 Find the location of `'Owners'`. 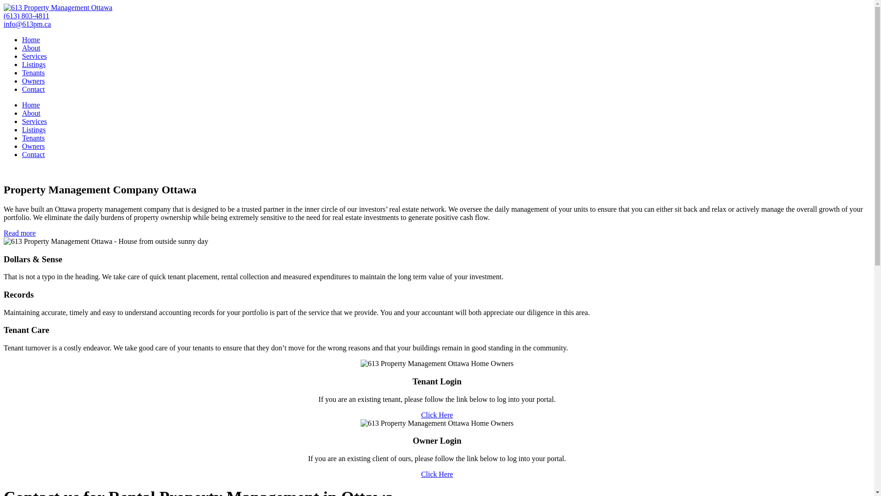

'Owners' is located at coordinates (33, 146).